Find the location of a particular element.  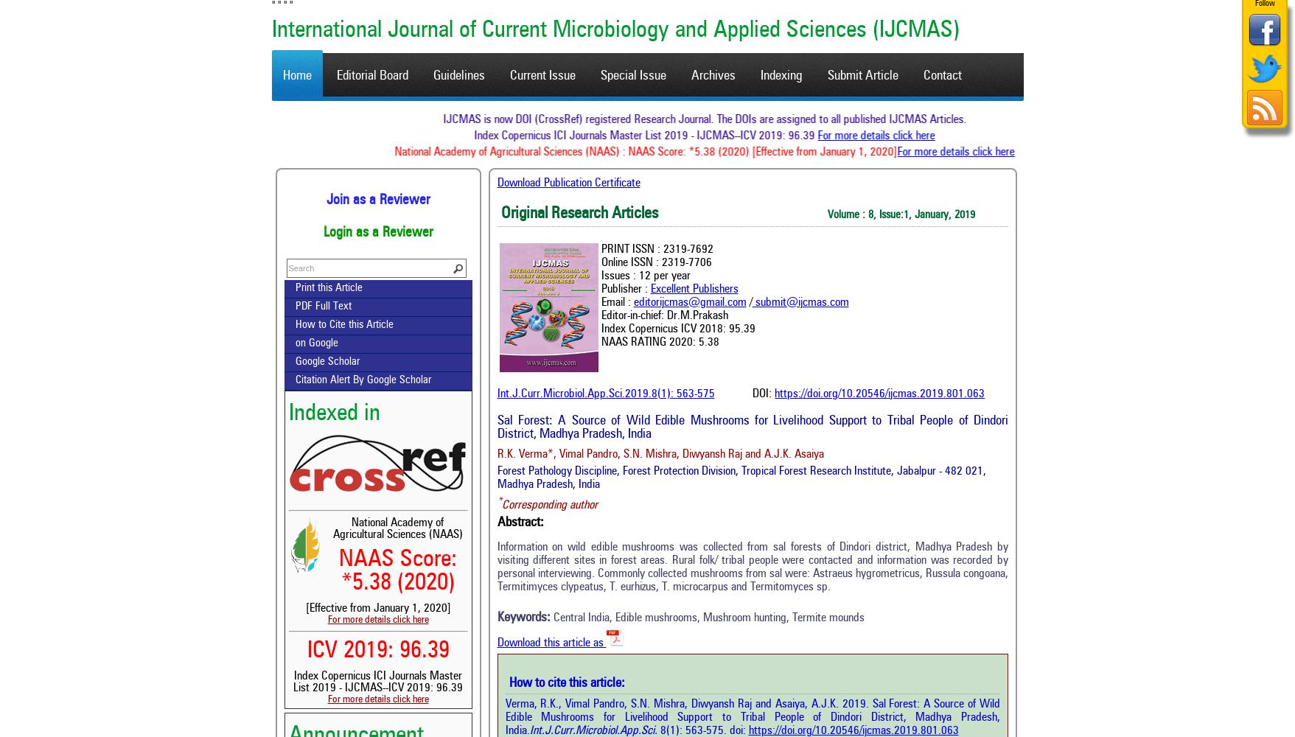

'on Google' is located at coordinates (315, 343).